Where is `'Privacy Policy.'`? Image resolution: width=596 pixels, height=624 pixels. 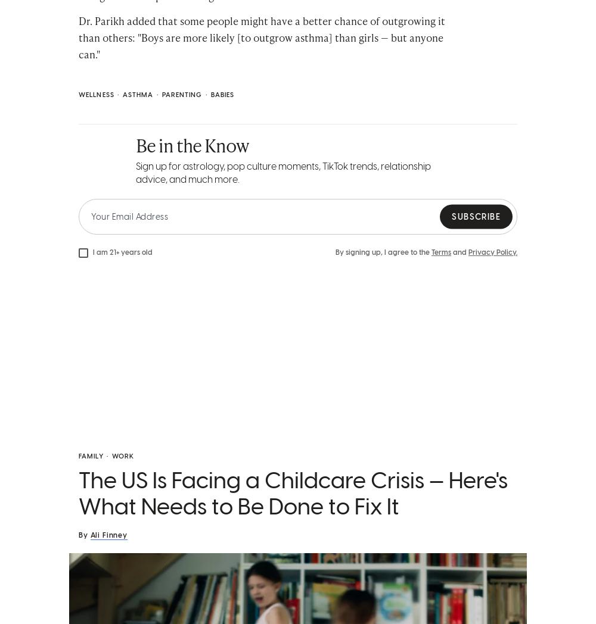
'Privacy Policy.' is located at coordinates (492, 252).